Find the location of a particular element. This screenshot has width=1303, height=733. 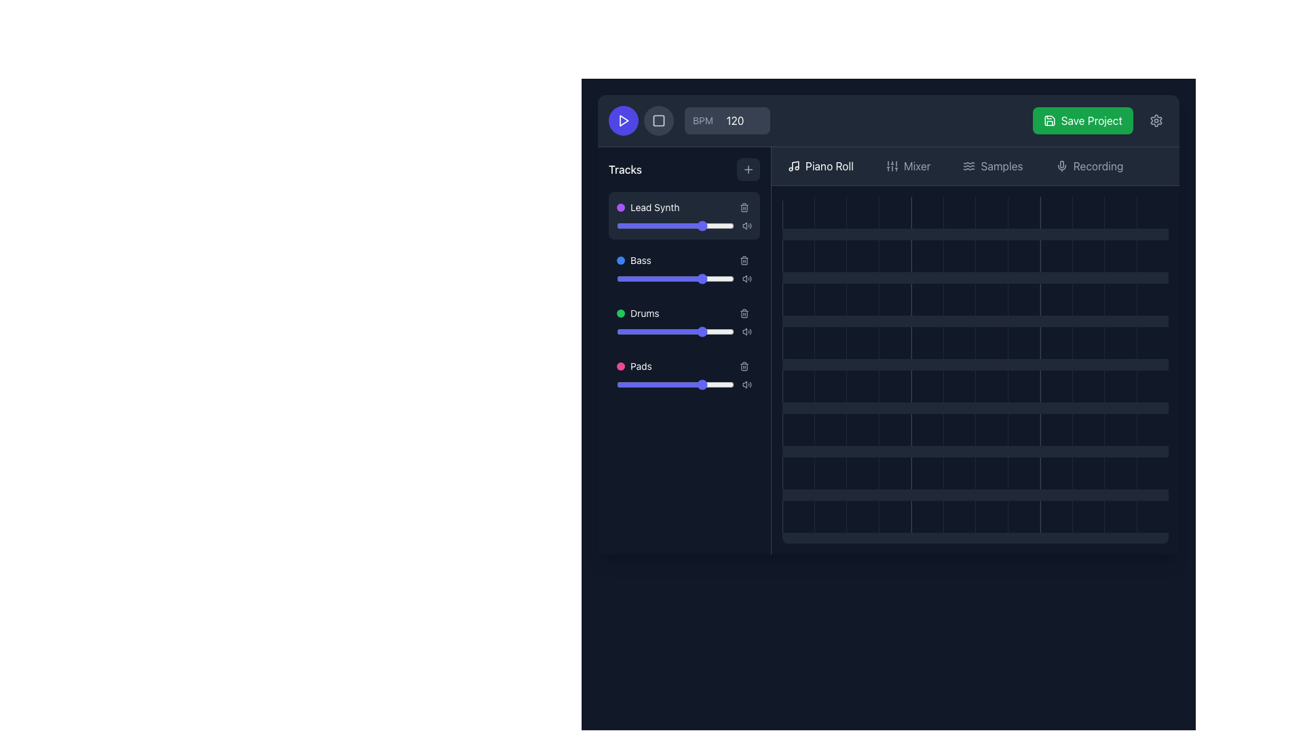

the slider value is located at coordinates (641, 225).